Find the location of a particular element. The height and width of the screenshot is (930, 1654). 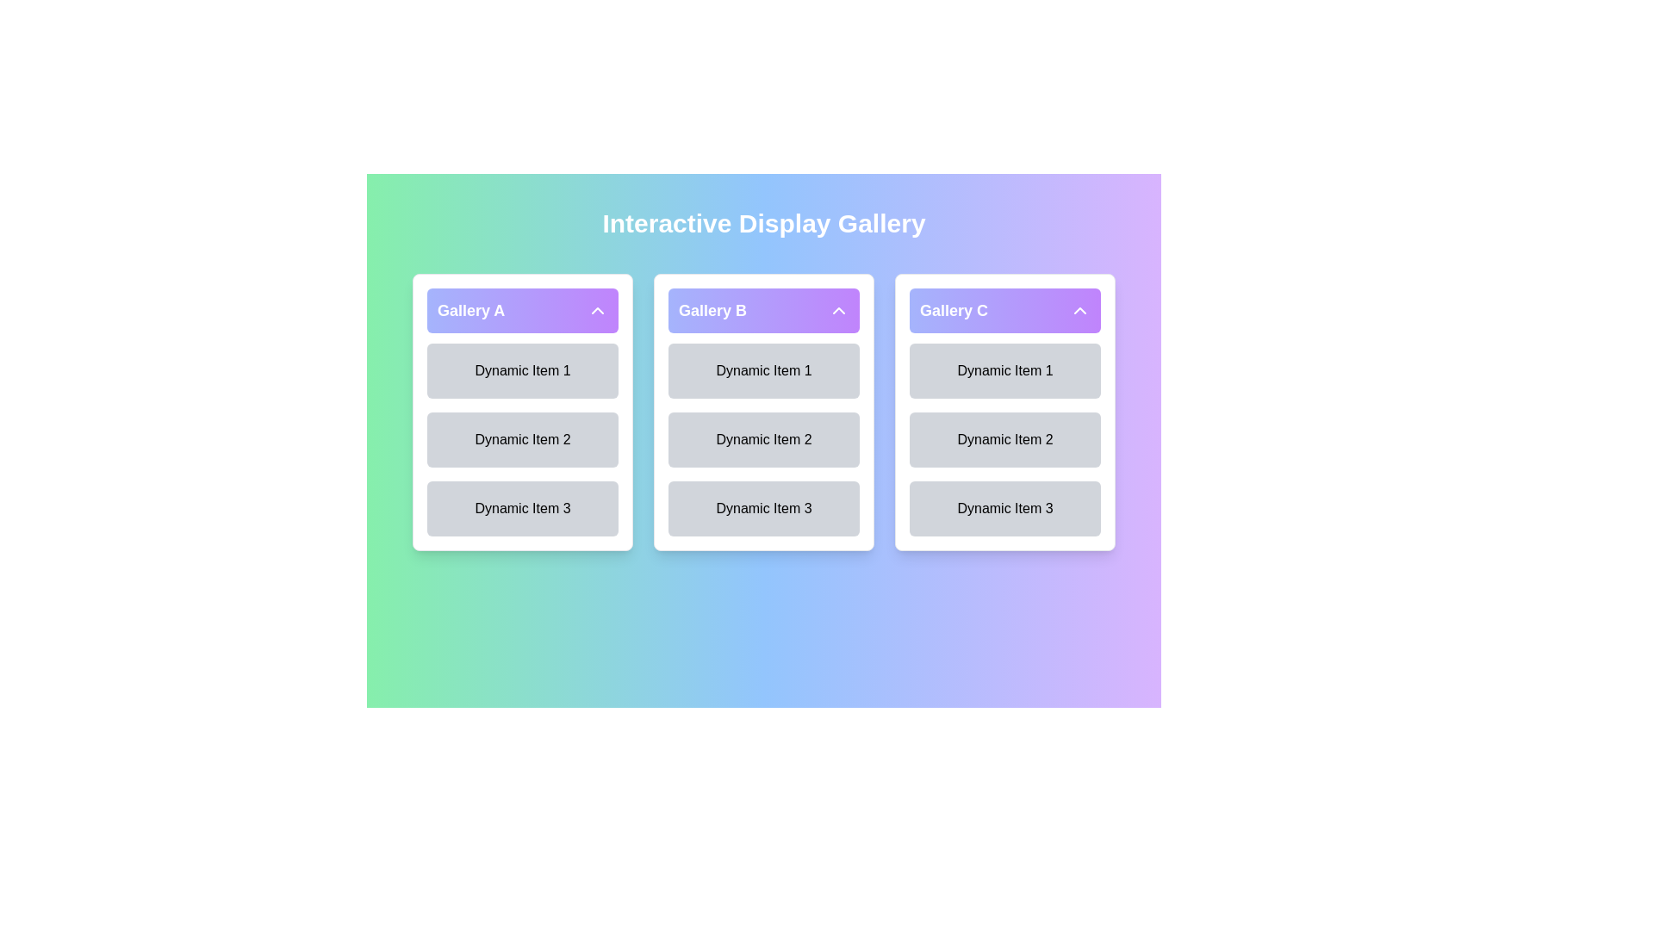

the chevron-shaped icon at the right edge of the purple title bar for 'Gallery A' is located at coordinates (598, 311).